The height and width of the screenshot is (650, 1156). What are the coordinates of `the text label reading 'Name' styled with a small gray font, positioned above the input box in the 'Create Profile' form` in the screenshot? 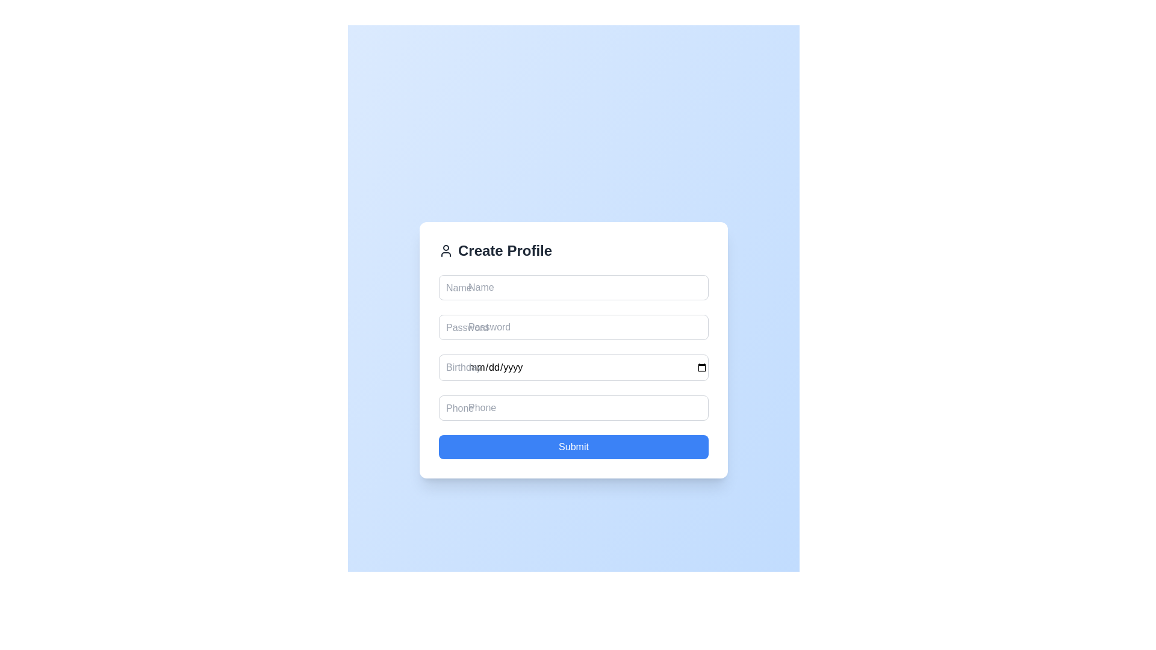 It's located at (458, 288).